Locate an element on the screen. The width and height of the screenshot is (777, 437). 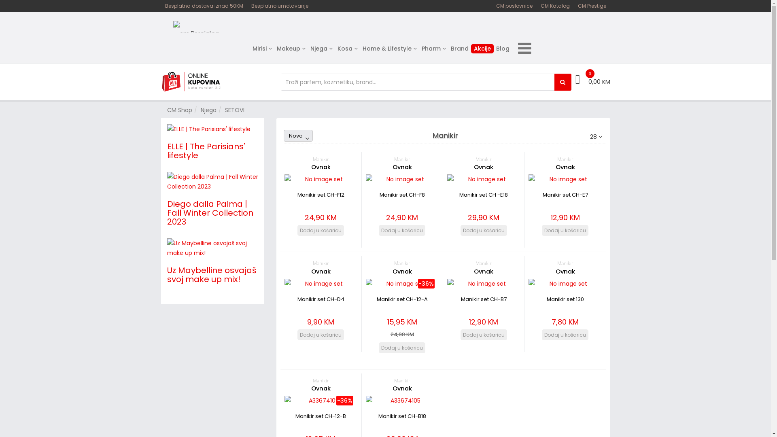
'Manikir set CH -E18' is located at coordinates (484, 195).